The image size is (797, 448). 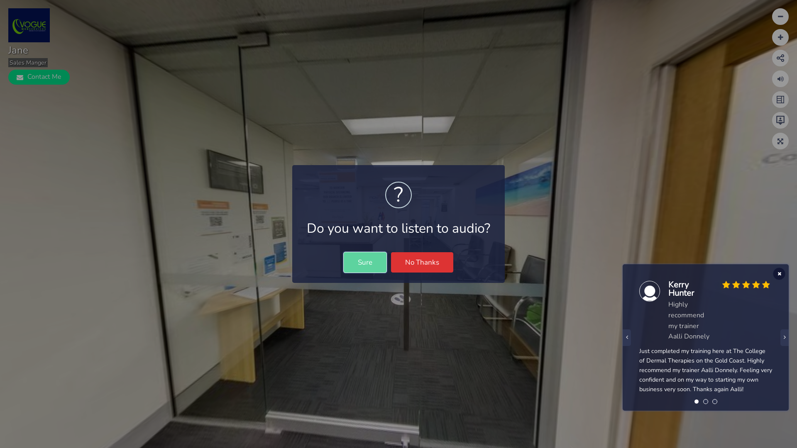 I want to click on '2', so click(x=705, y=404).